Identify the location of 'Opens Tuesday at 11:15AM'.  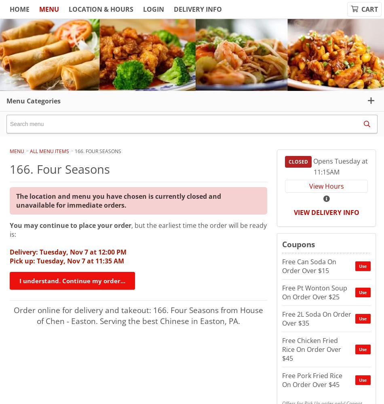
(339, 166).